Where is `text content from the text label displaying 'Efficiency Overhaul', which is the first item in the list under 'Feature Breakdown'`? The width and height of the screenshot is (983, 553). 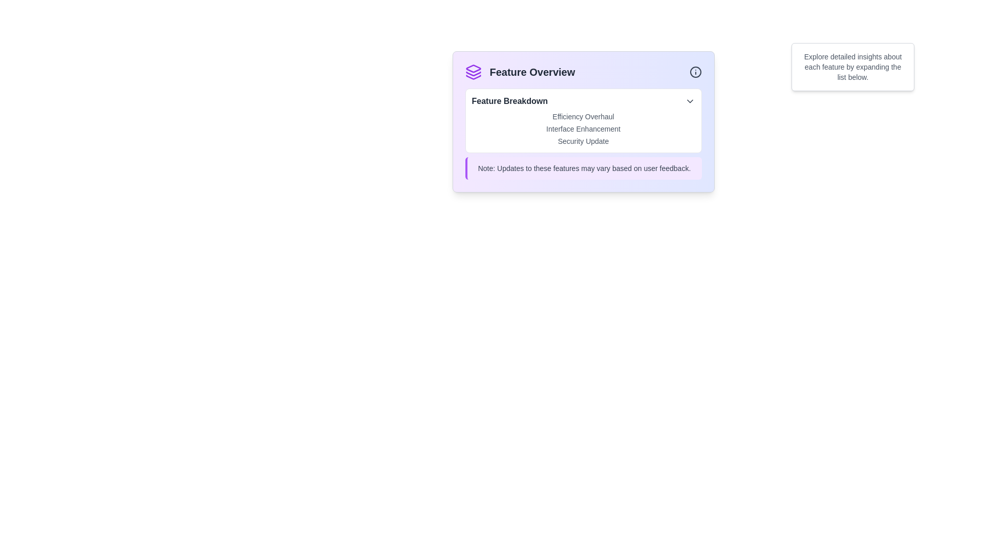 text content from the text label displaying 'Efficiency Overhaul', which is the first item in the list under 'Feature Breakdown' is located at coordinates (583, 116).